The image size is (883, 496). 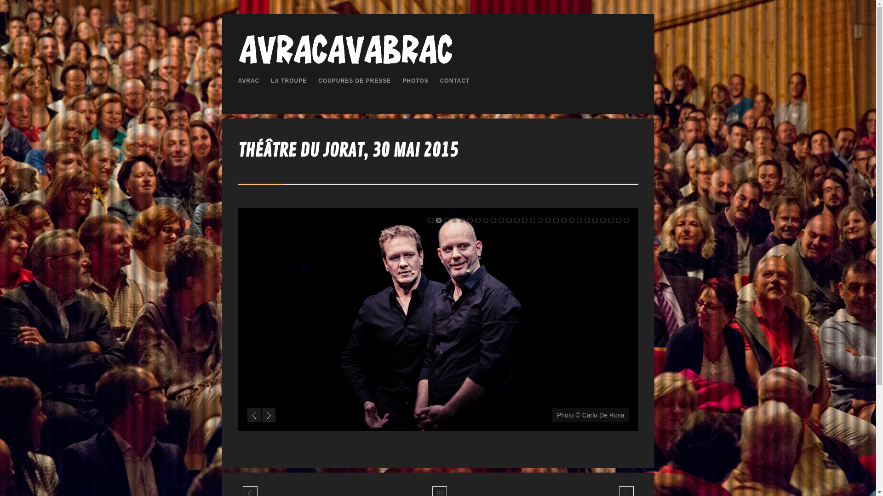 What do you see at coordinates (482, 220) in the screenshot?
I see `'8'` at bounding box center [482, 220].